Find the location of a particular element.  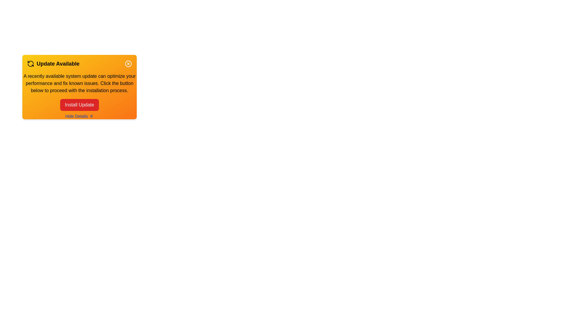

the refresh icon to trigger its action is located at coordinates (30, 64).